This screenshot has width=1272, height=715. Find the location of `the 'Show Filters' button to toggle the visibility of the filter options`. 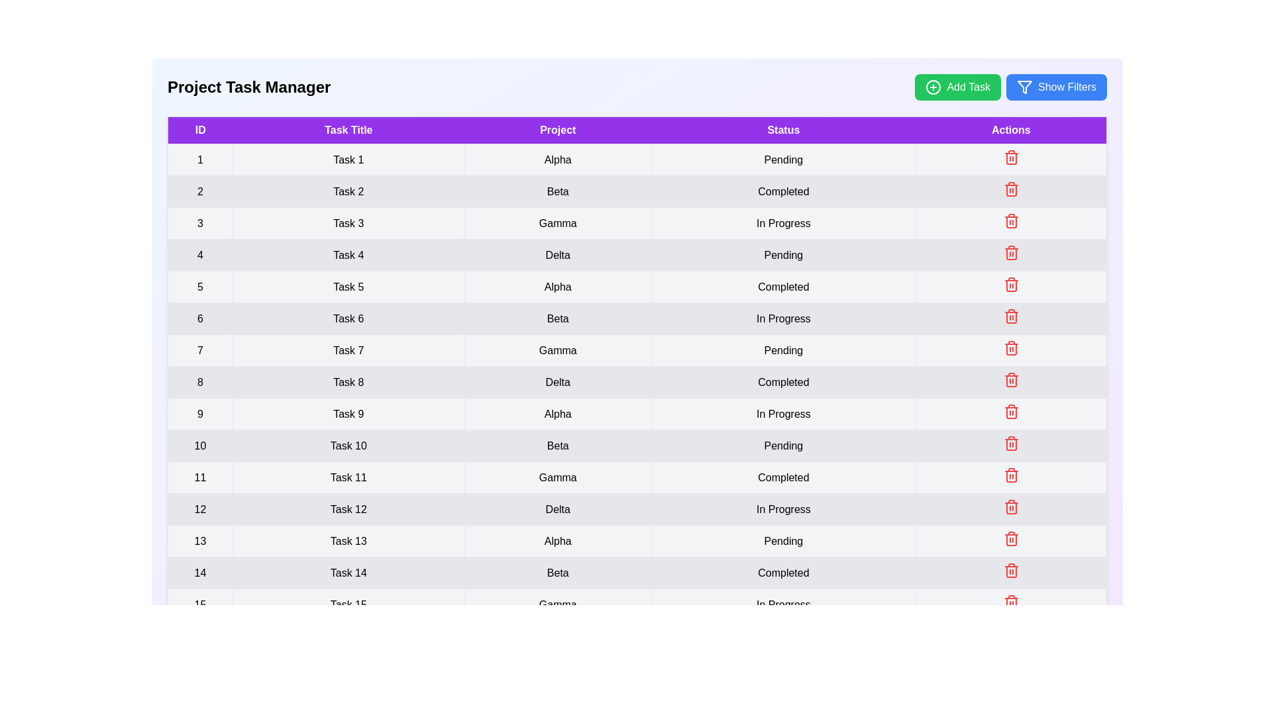

the 'Show Filters' button to toggle the visibility of the filter options is located at coordinates (1055, 87).